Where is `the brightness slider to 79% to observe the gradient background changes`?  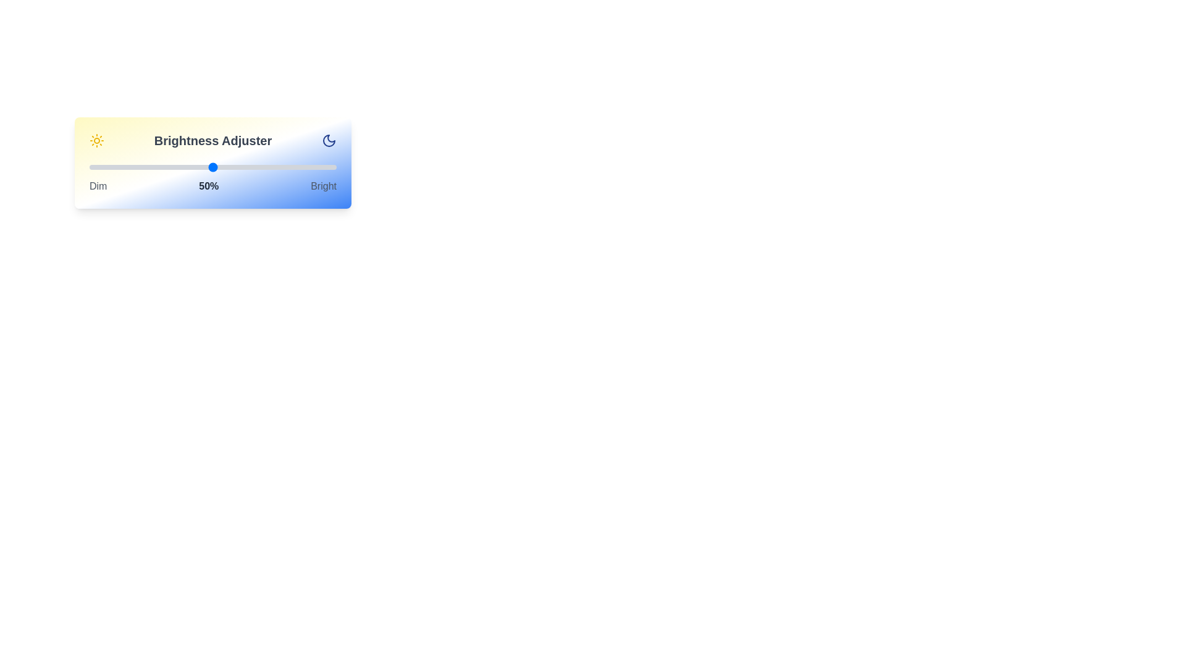 the brightness slider to 79% to observe the gradient background changes is located at coordinates (284, 167).